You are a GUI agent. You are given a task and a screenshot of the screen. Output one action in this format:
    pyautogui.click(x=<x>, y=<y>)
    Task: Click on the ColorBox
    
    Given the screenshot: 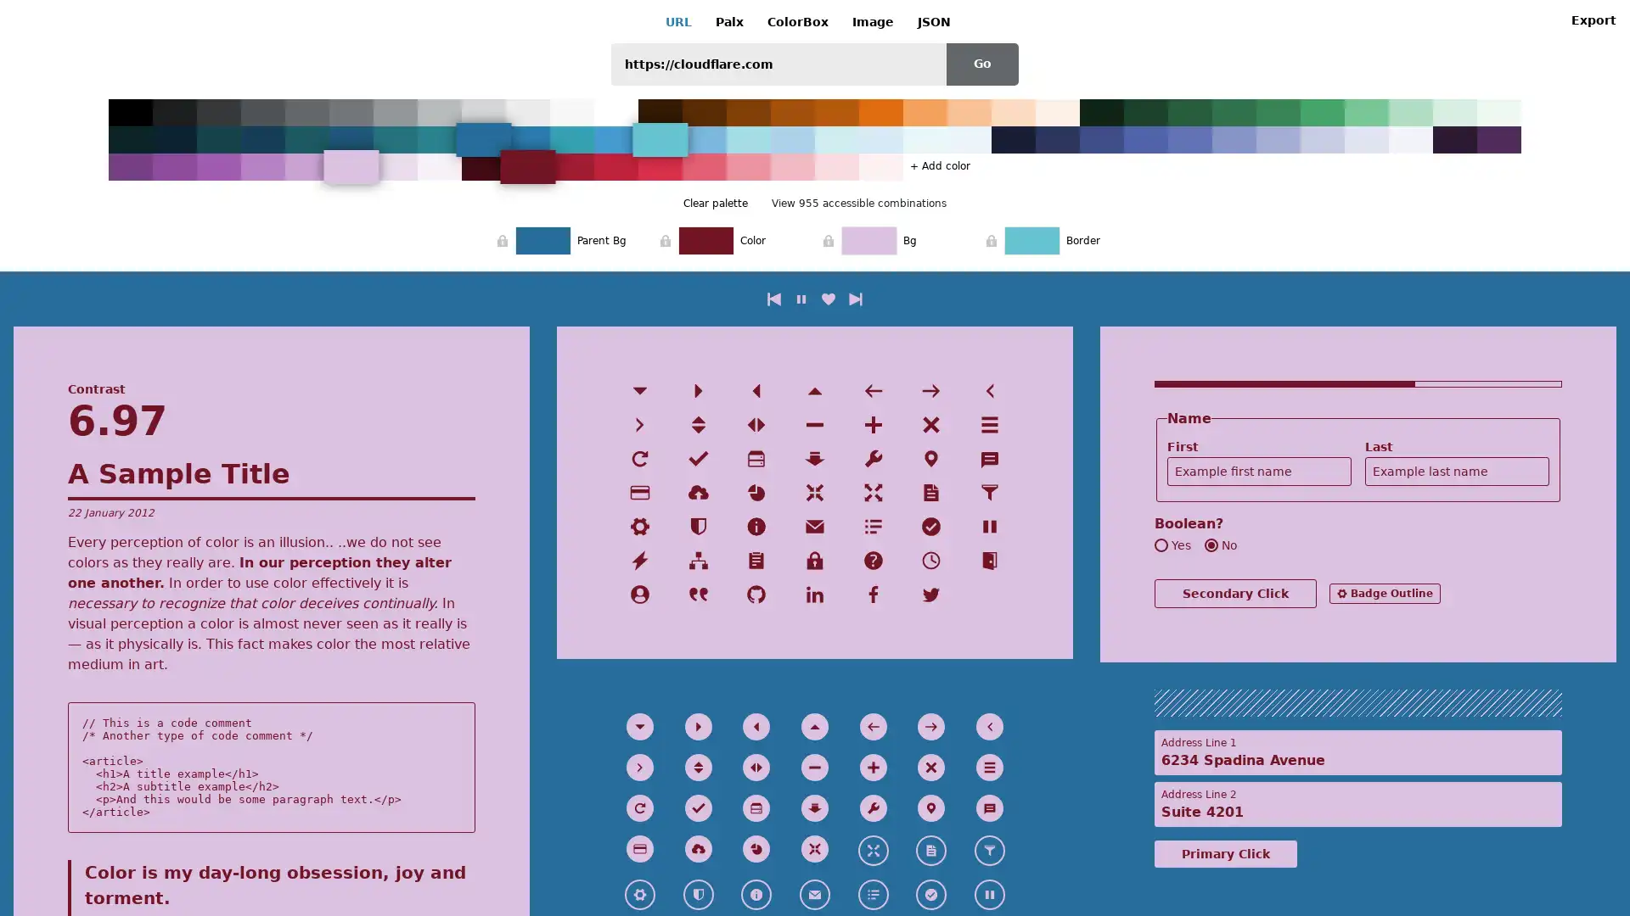 What is the action you would take?
    pyautogui.click(x=797, y=22)
    